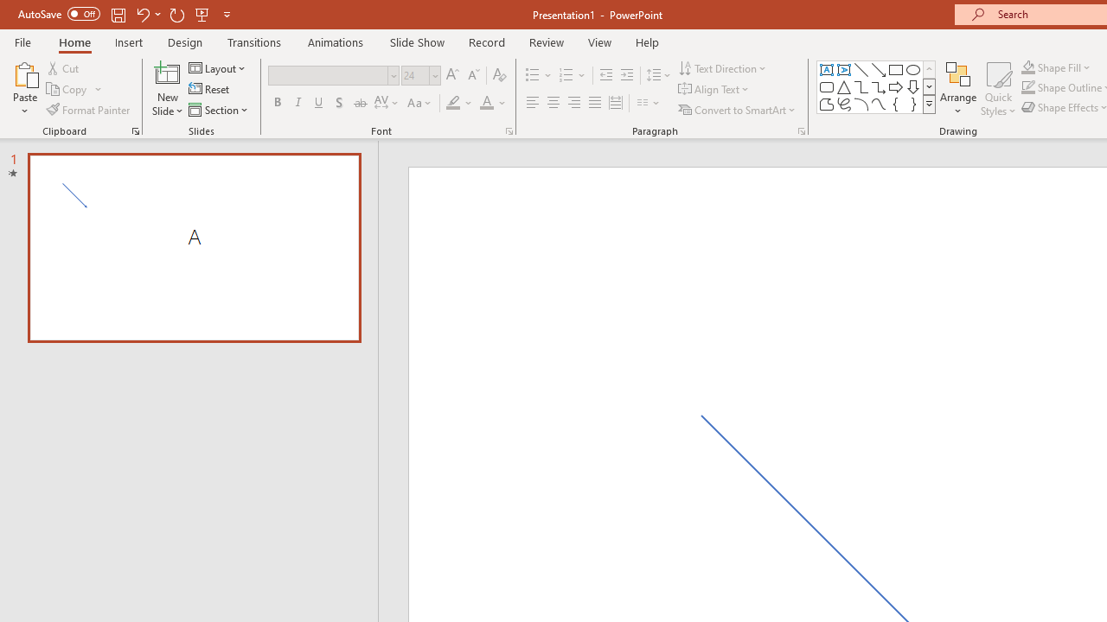  I want to click on 'Slide A', so click(194, 247).